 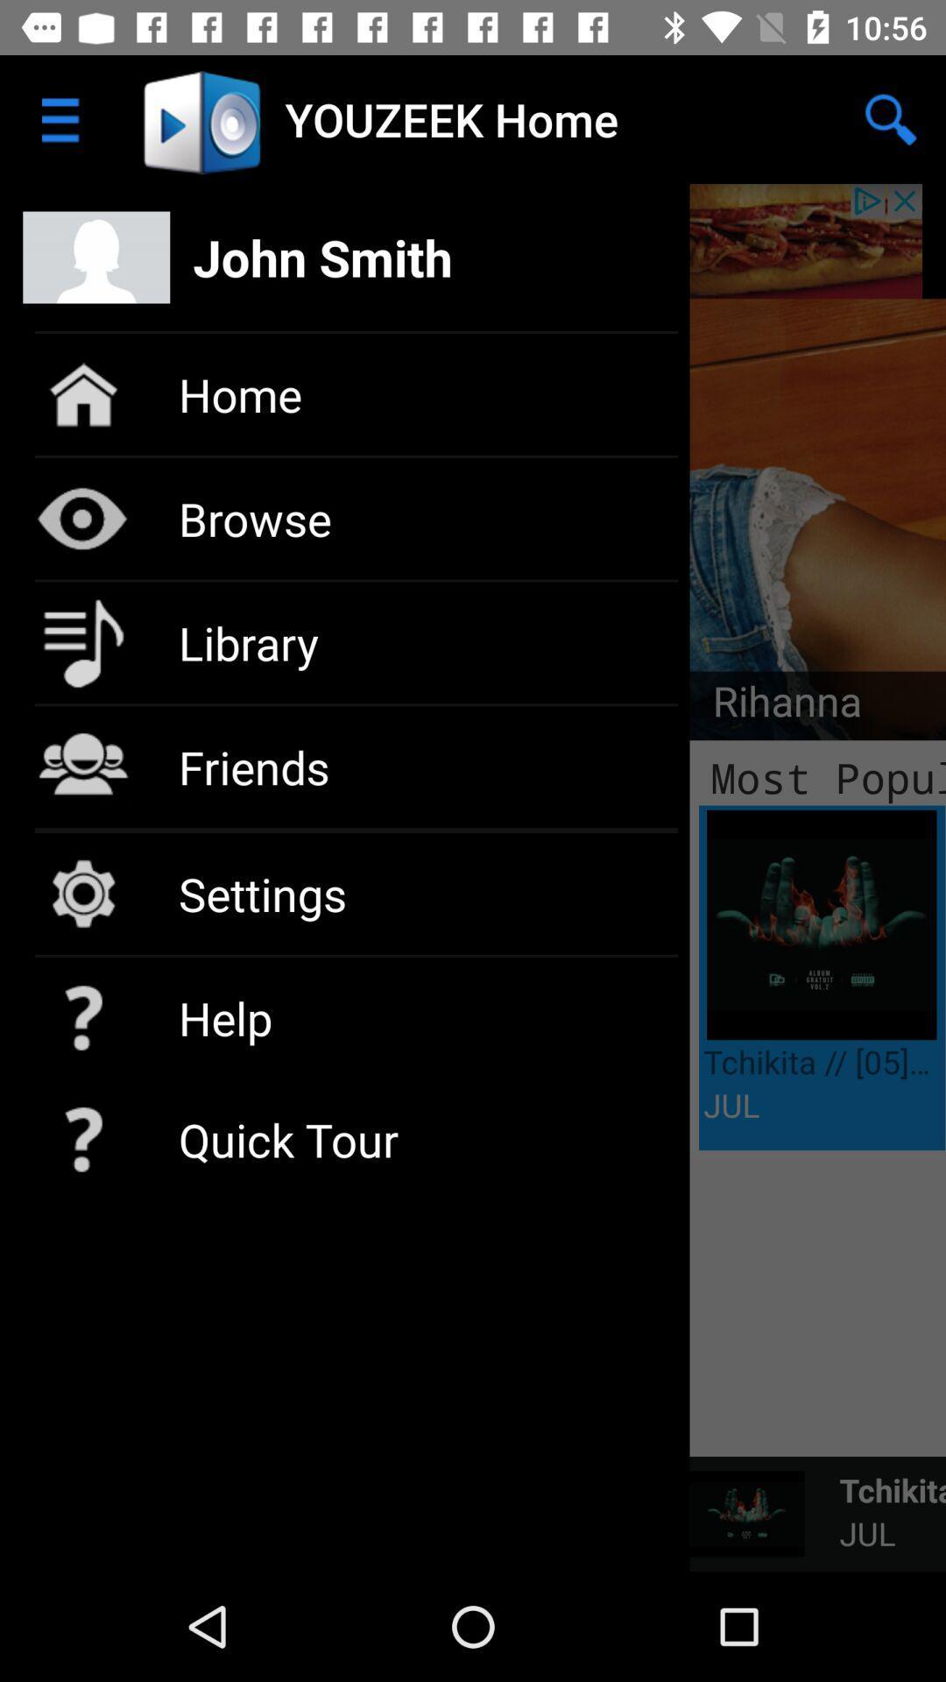 I want to click on open your profile, so click(x=473, y=240).